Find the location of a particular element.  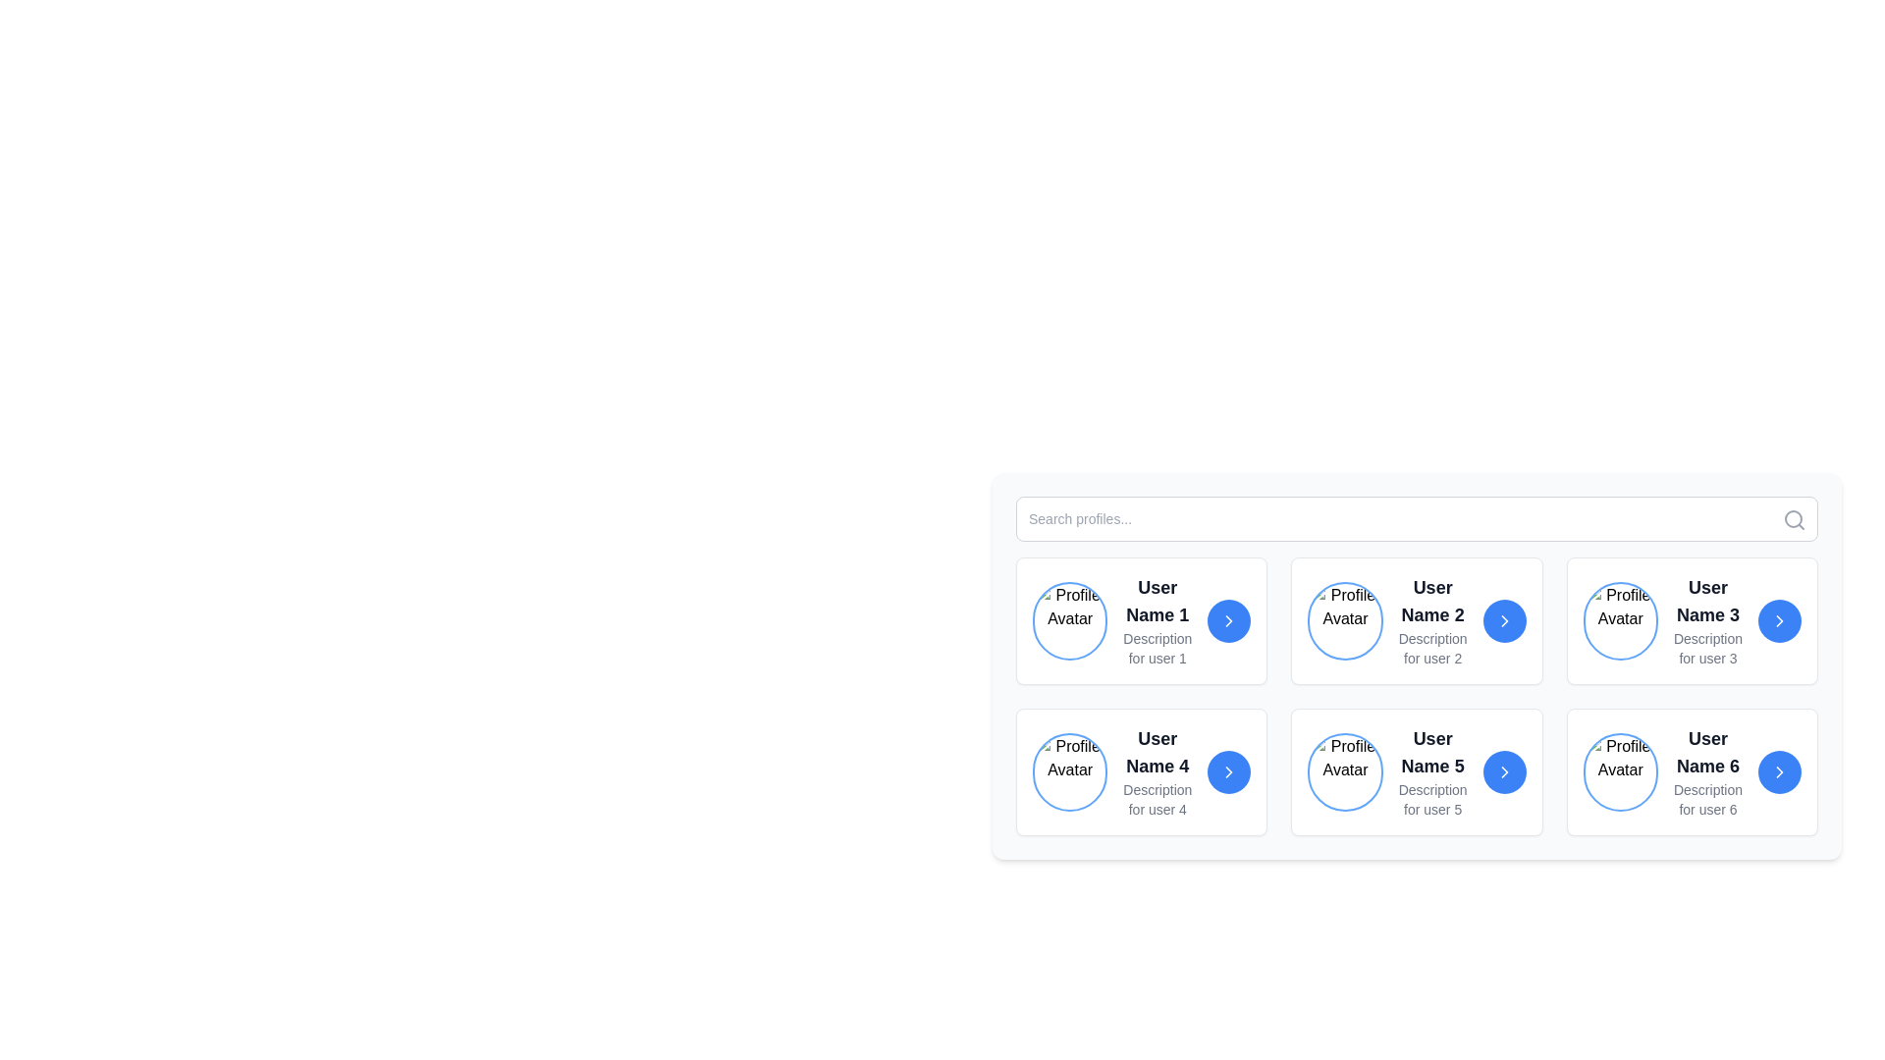

the text label displaying 'User Name 2' in bold and larger font within the user profile card, positioned in the second column of the grid layout is located at coordinates (1432, 601).